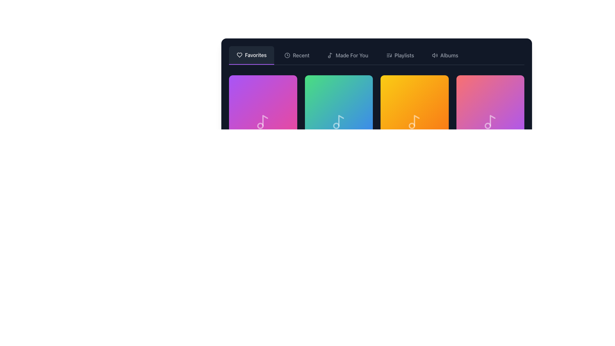 This screenshot has height=346, width=615. I want to click on the graphical circle element in the SVG format, which represents a filled circle with a radius of 4 units, located in the lower-left corner of the music icon, so click(336, 126).